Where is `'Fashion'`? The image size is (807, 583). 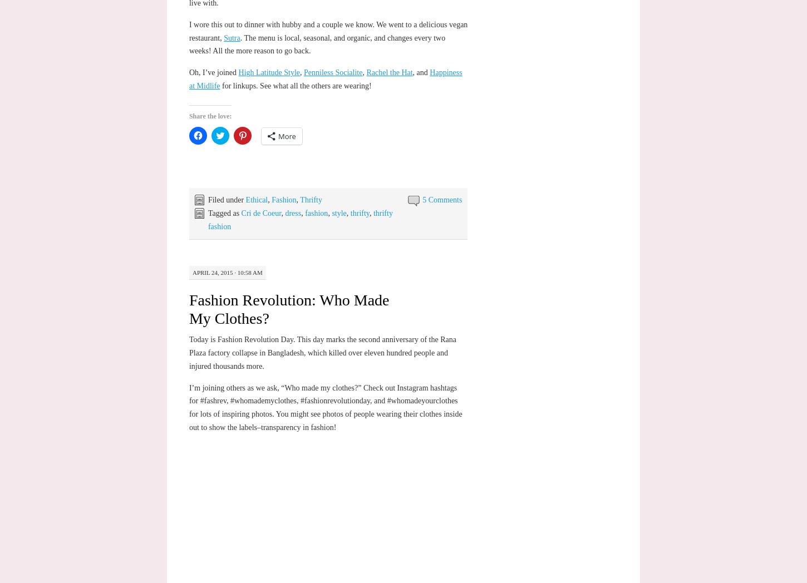
'Fashion' is located at coordinates (283, 199).